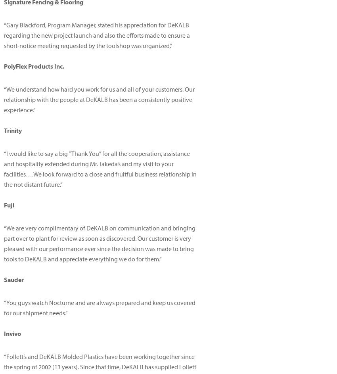 The width and height of the screenshot is (337, 374). I want to click on 'PolyFlex Products Inc.', so click(34, 66).